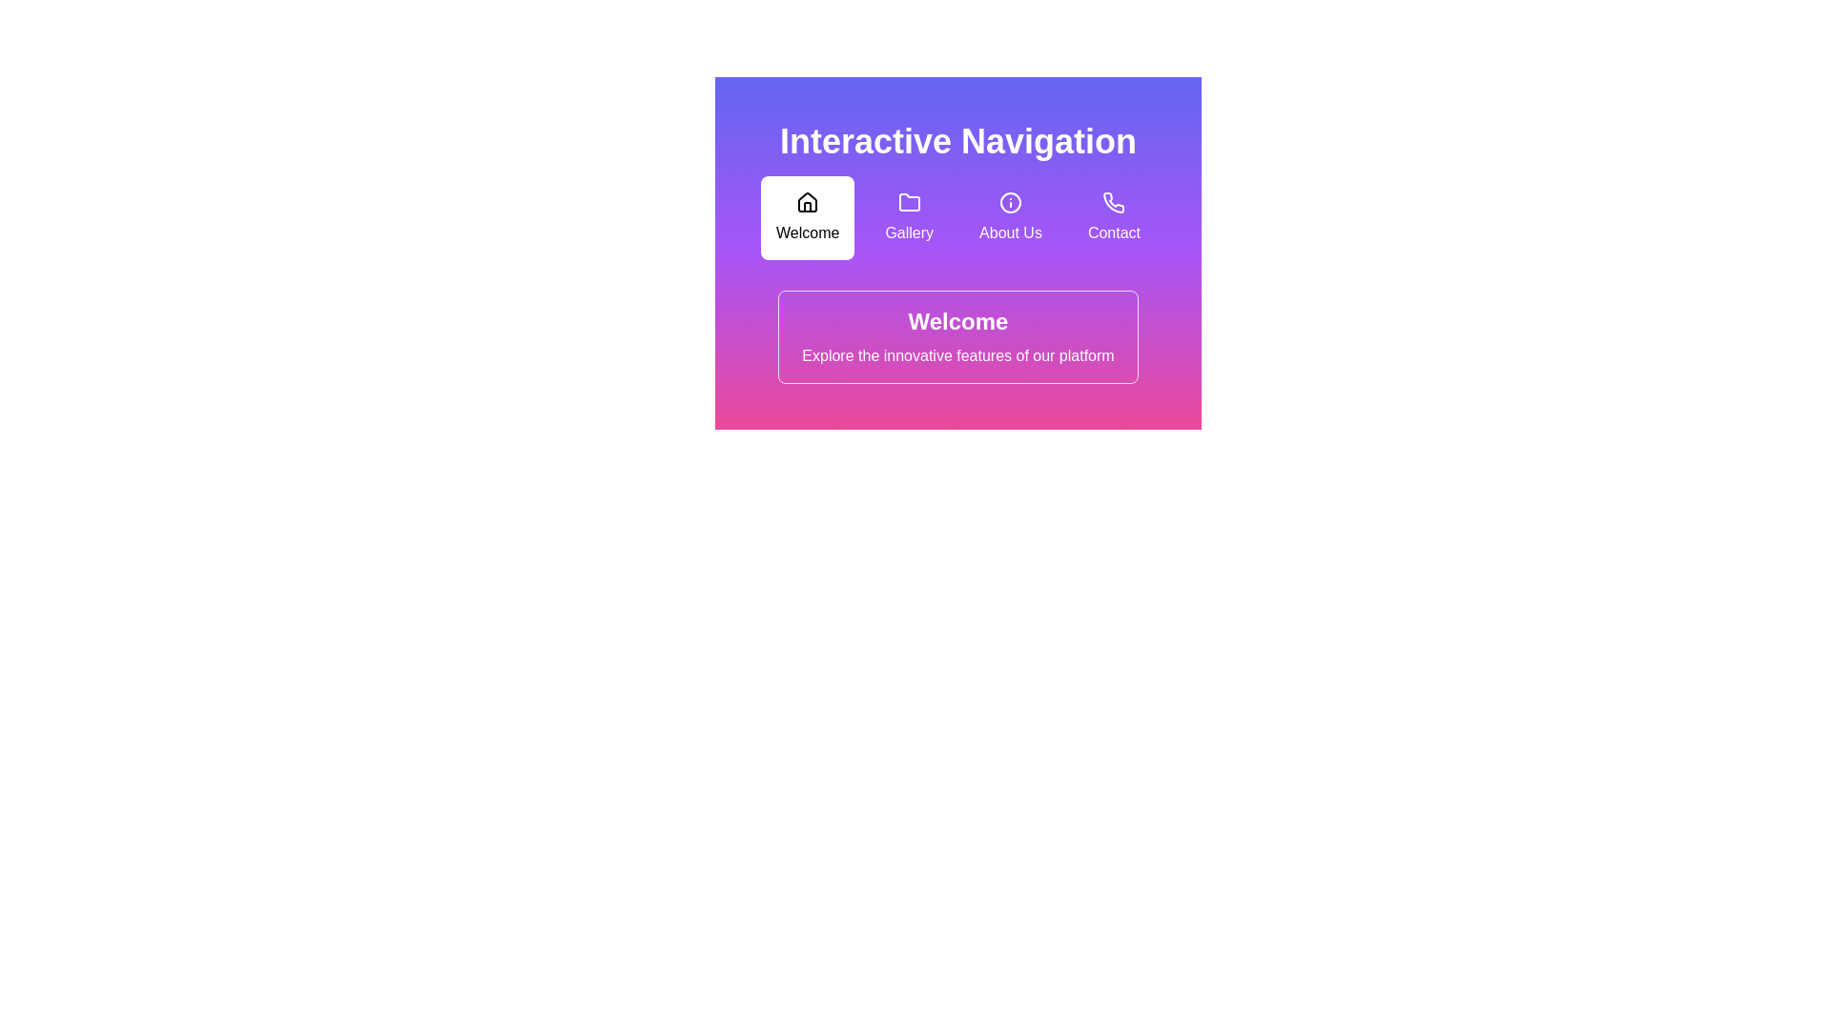  Describe the element at coordinates (1113, 216) in the screenshot. I see `the interactive 'Contact' button located at the far right of the navigation buttons` at that location.